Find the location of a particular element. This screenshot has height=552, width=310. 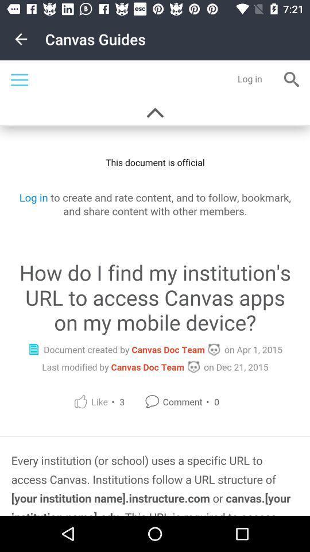

advertisement is located at coordinates (155, 287).